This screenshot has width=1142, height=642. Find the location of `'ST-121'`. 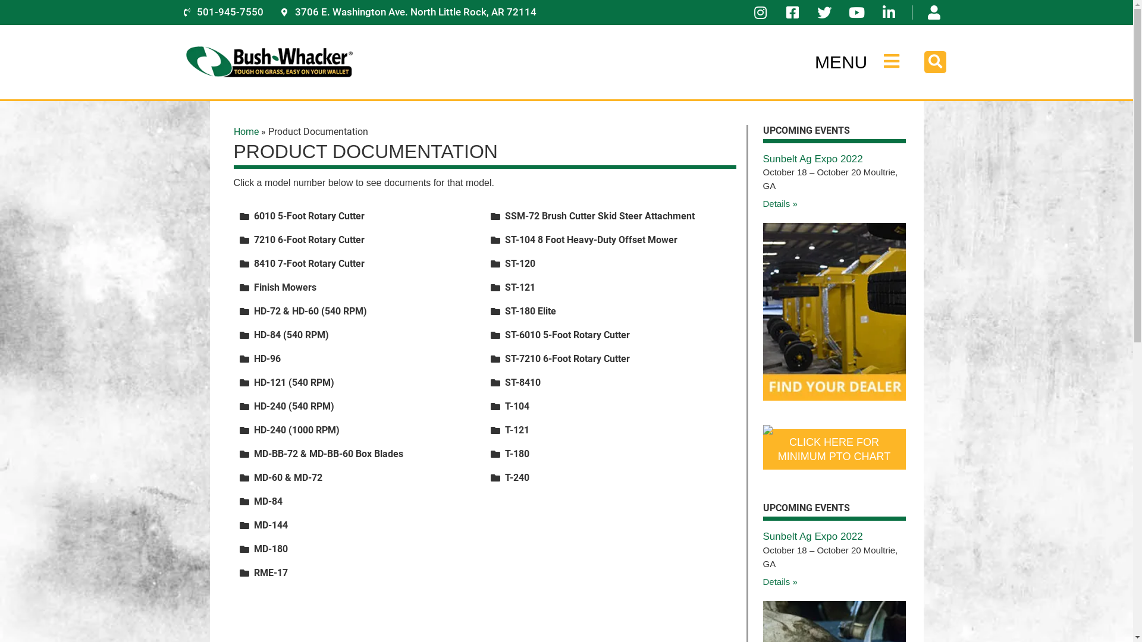

'ST-121' is located at coordinates (520, 287).